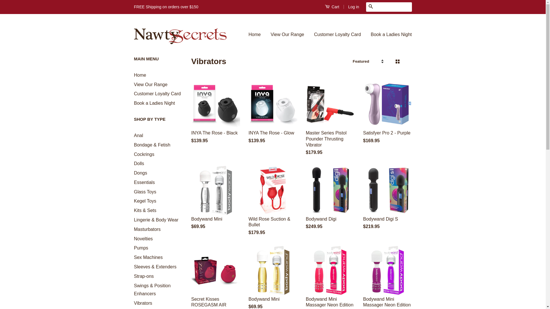  Describe the element at coordinates (147, 229) in the screenshot. I see `'Masturbators'` at that location.